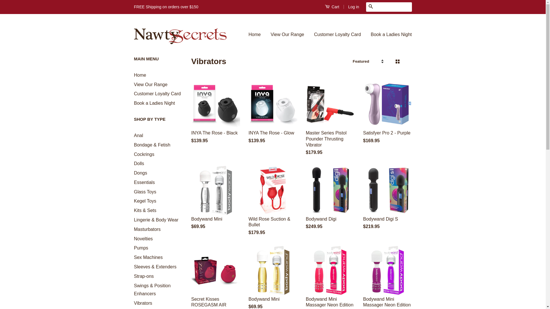  Describe the element at coordinates (147, 229) in the screenshot. I see `'Masturbators'` at that location.